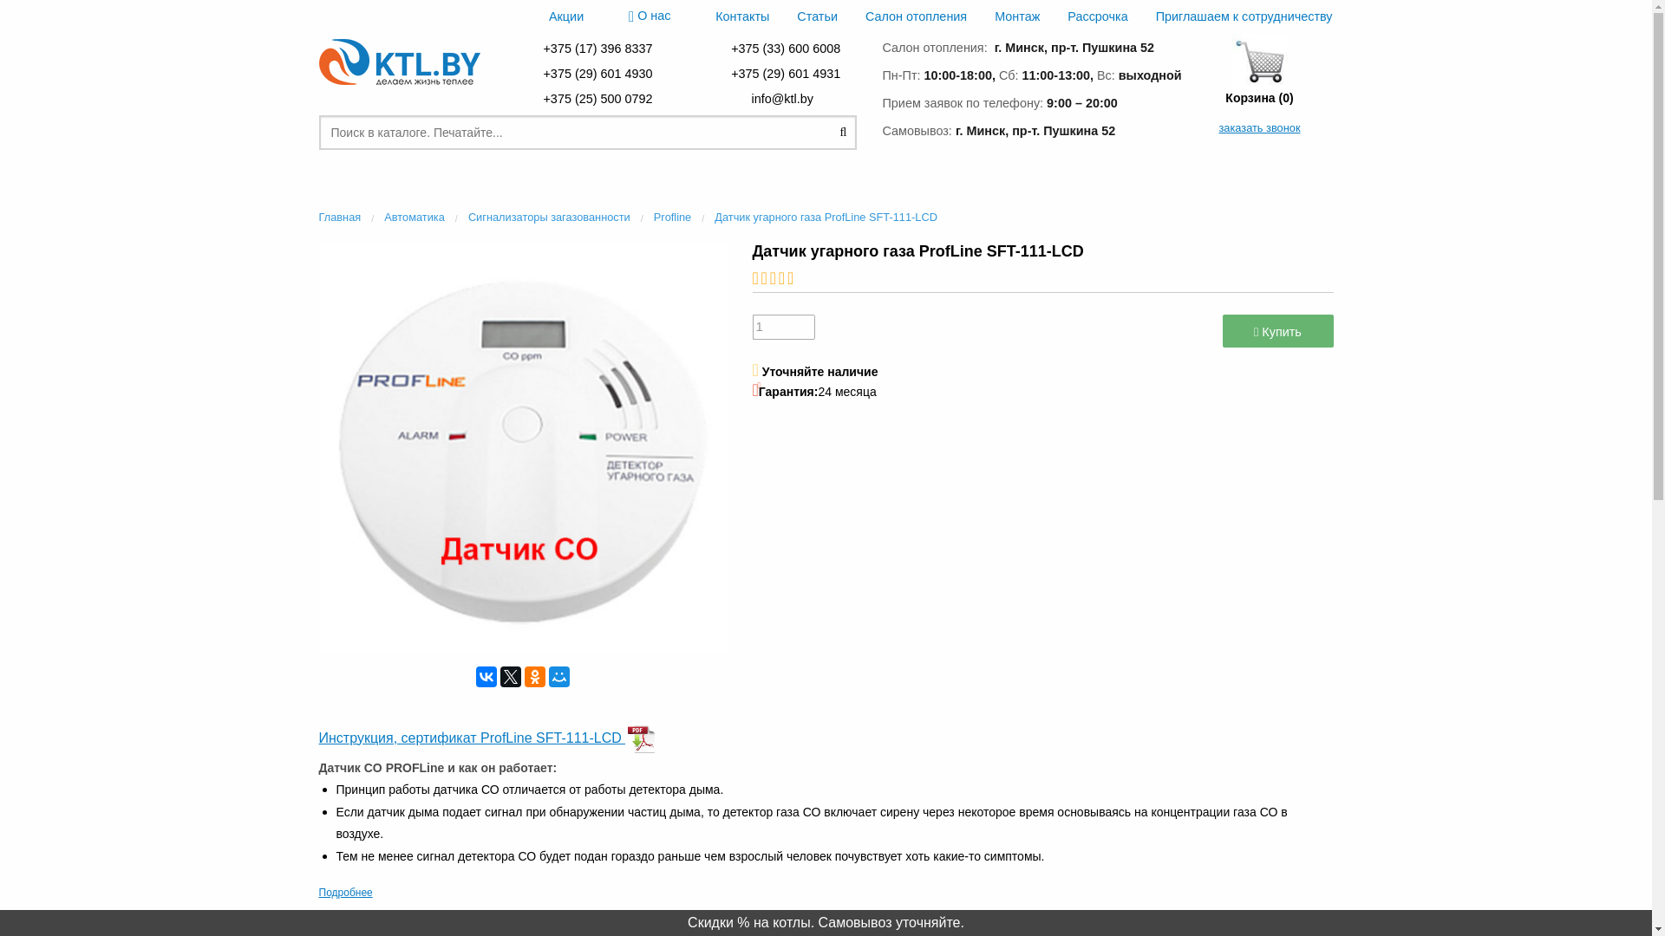 Image resolution: width=1665 pixels, height=936 pixels. Describe the element at coordinates (755, 276) in the screenshot. I see `'Not rated yet!'` at that location.